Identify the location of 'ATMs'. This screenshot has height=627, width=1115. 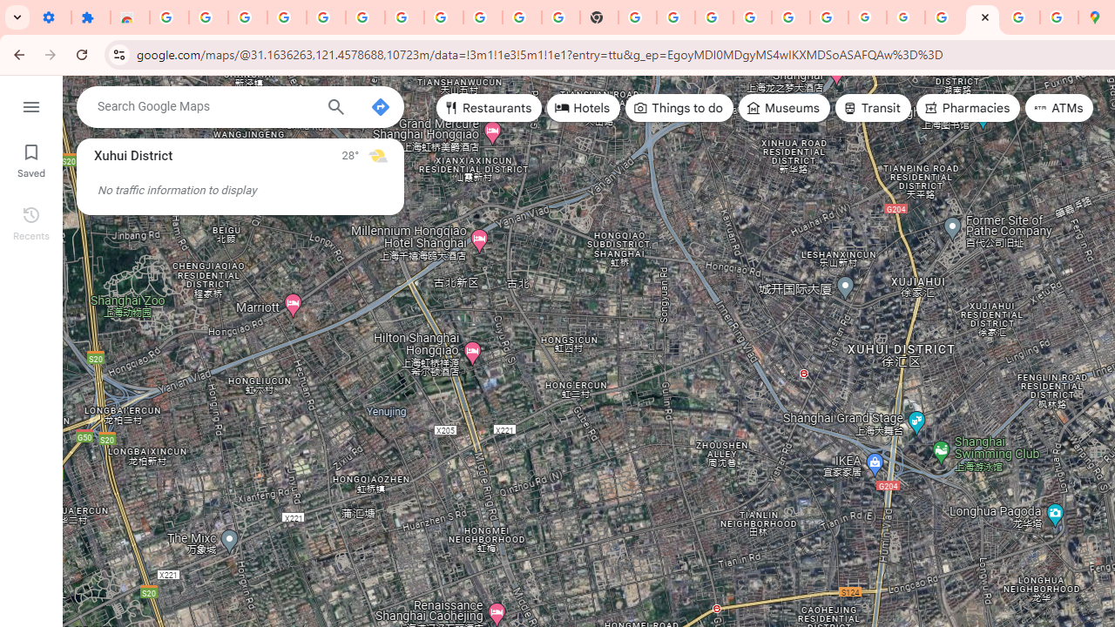
(1058, 108).